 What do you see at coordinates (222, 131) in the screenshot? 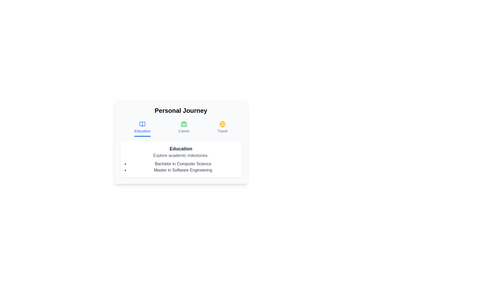
I see `the 'Travel' text label, which is styled in gray and located below a globe icon as the third navigation option among three items` at bounding box center [222, 131].